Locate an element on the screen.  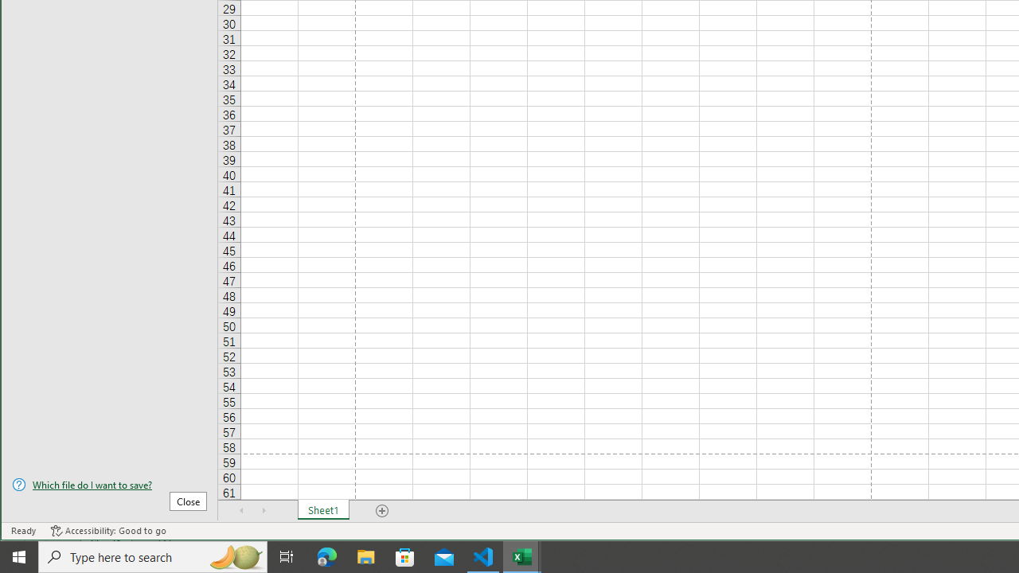
'Type here to search' is located at coordinates (153, 555).